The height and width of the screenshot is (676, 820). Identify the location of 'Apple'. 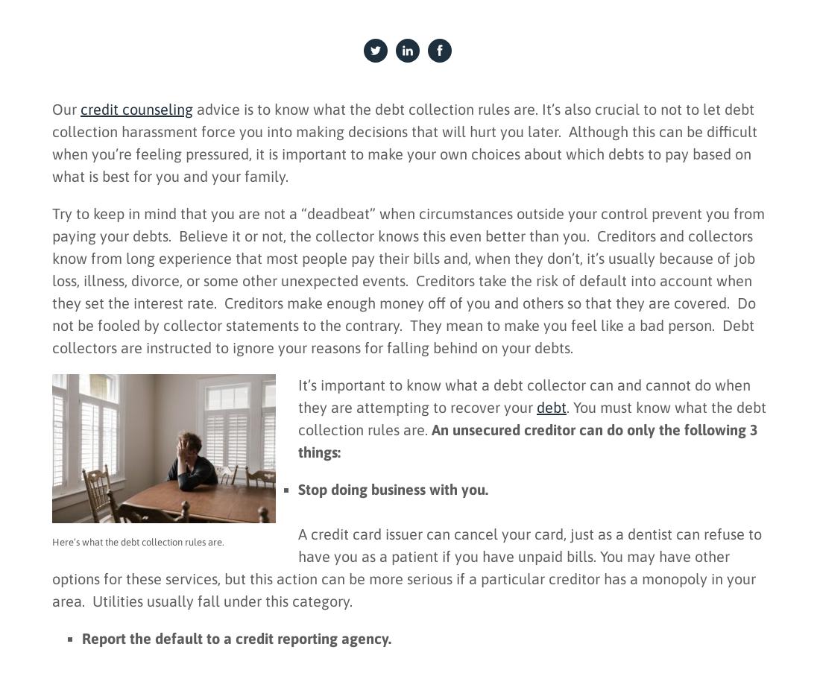
(697, 230).